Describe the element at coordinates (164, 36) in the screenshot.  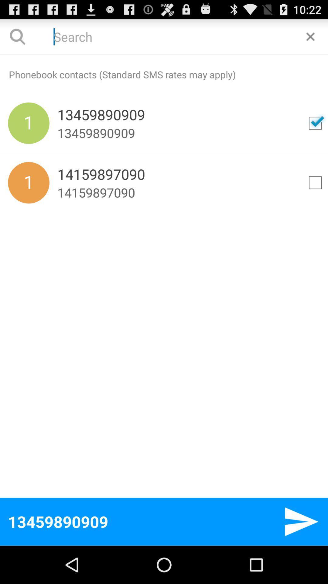
I see `search field` at that location.